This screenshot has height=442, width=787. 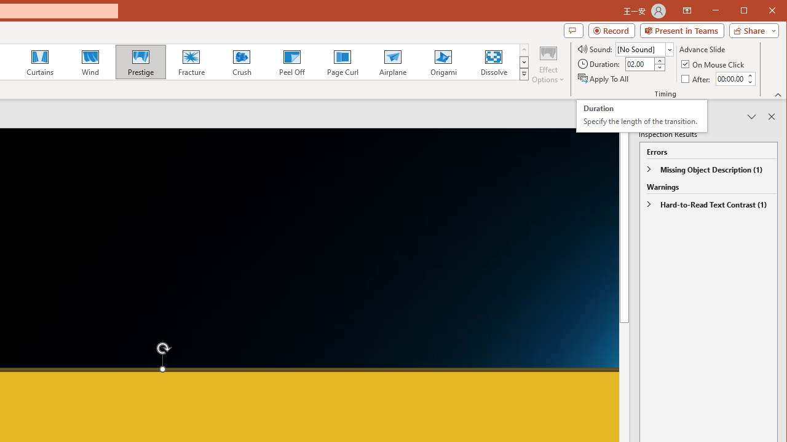 What do you see at coordinates (191, 61) in the screenshot?
I see `'Fracture'` at bounding box center [191, 61].